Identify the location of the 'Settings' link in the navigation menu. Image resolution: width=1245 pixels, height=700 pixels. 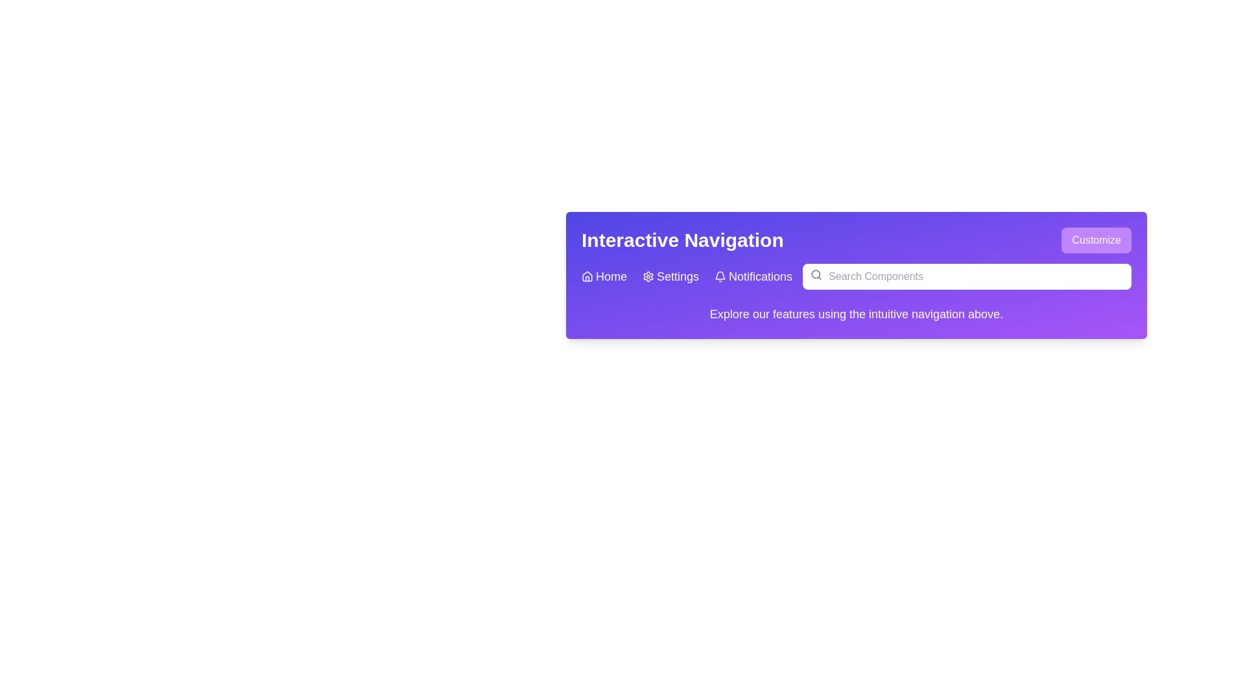
(670, 276).